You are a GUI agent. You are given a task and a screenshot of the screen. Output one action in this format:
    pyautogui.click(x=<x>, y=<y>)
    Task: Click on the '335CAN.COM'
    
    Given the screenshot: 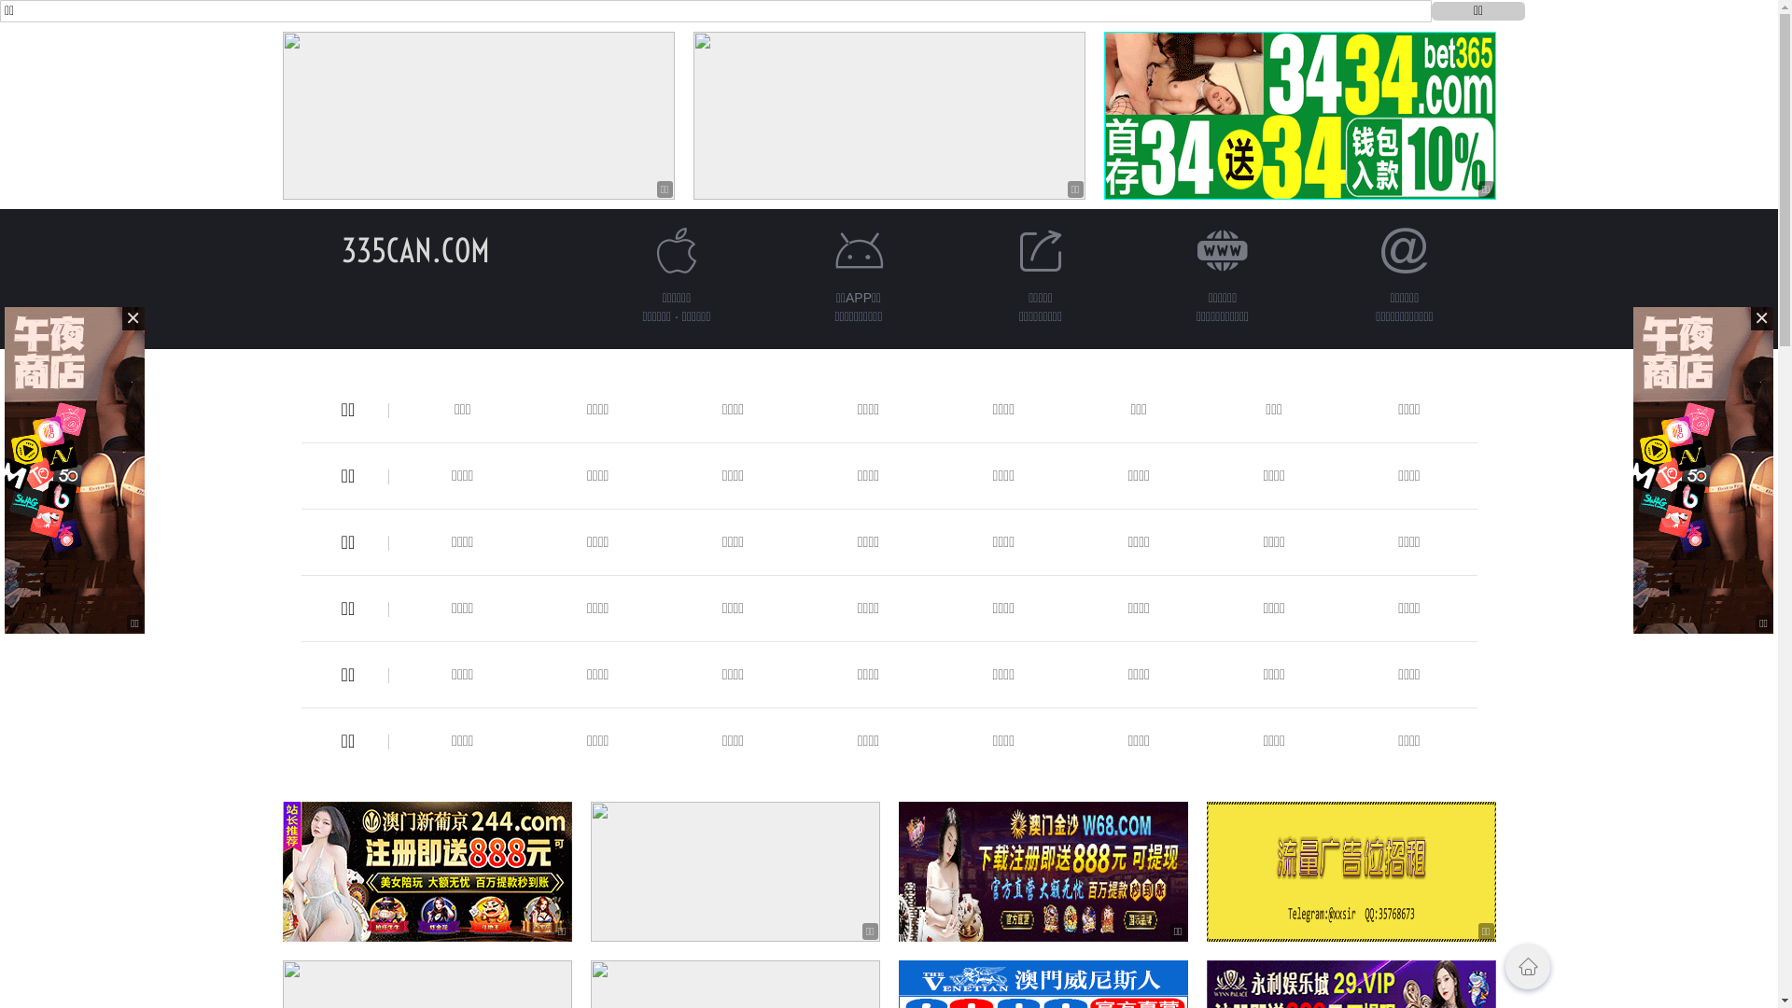 What is the action you would take?
    pyautogui.click(x=341, y=249)
    